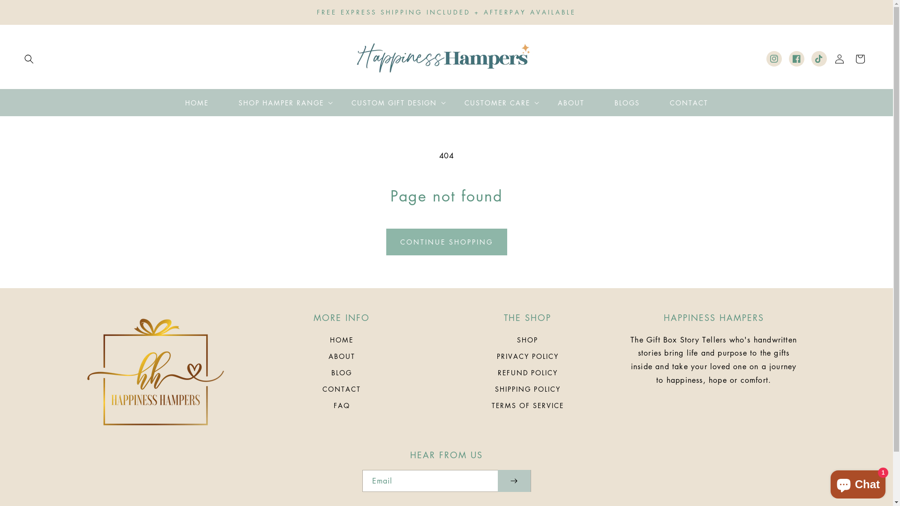 The width and height of the screenshot is (900, 506). What do you see at coordinates (796, 59) in the screenshot?
I see `'Facebook'` at bounding box center [796, 59].